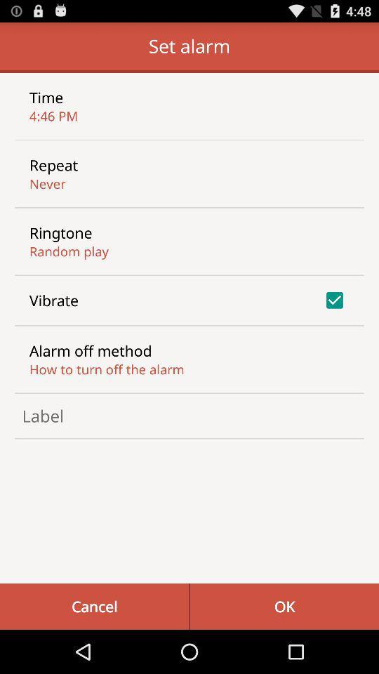  I want to click on the icon above the vibrate app, so click(68, 251).